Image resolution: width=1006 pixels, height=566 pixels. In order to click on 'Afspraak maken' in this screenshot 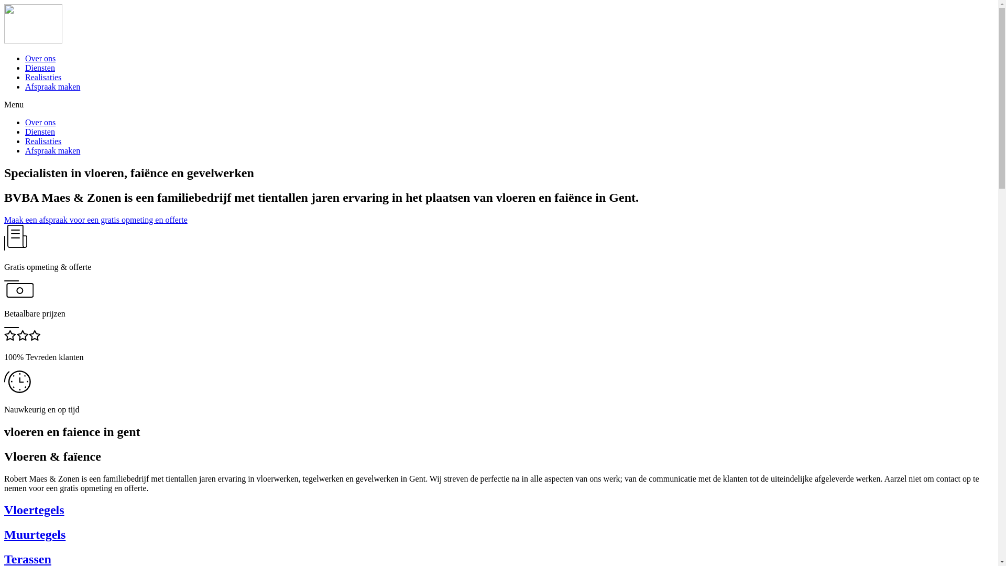, I will do `click(25, 150)`.